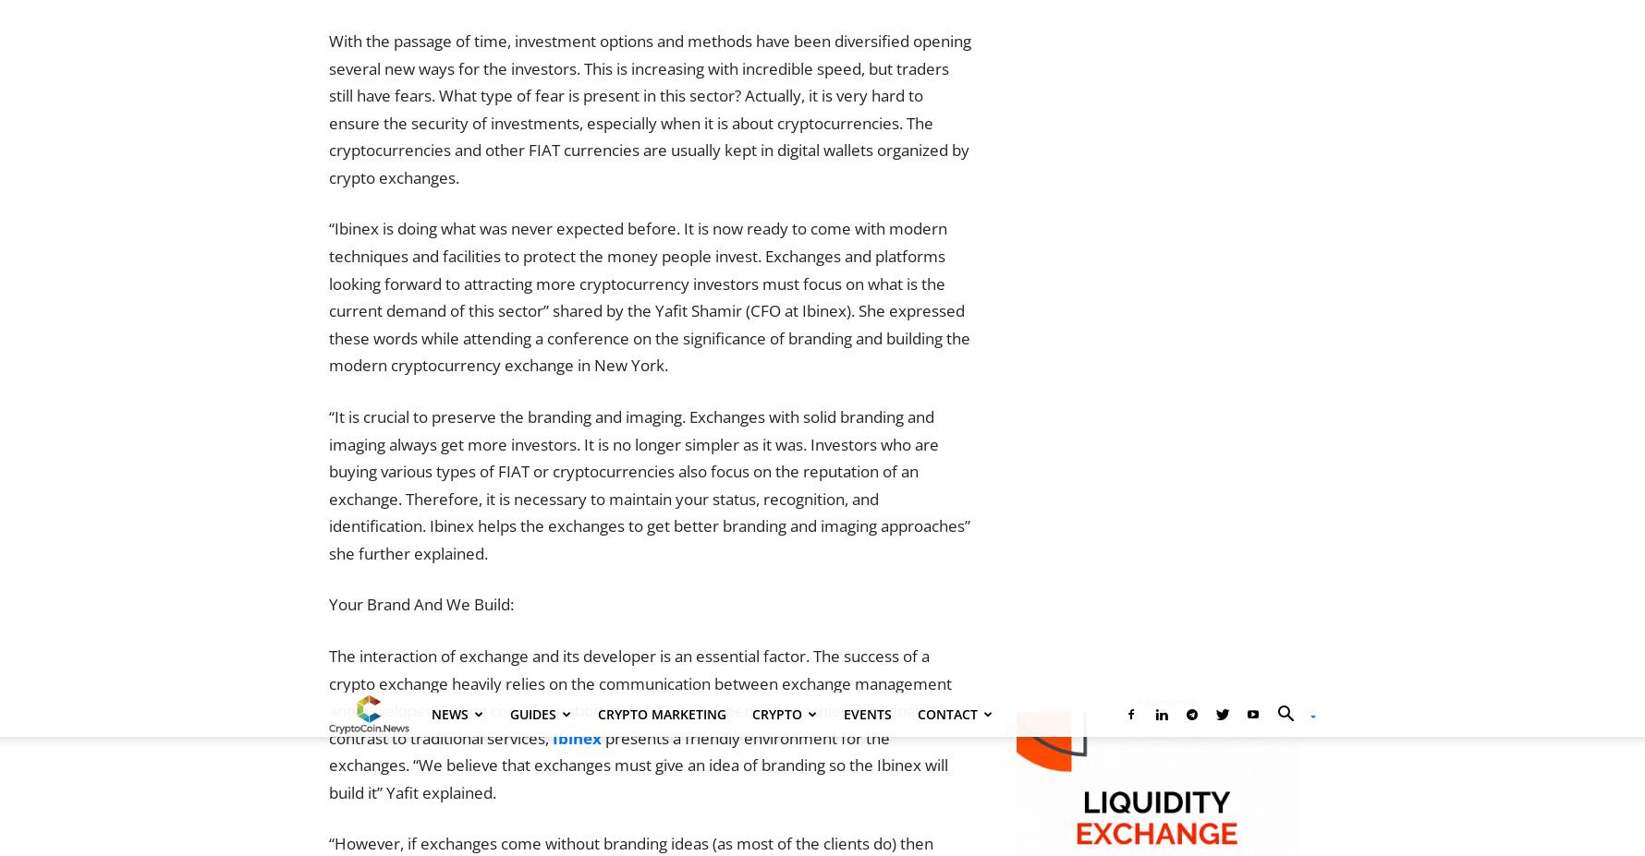 The image size is (1645, 856). I want to click on 'RELATED ARTICLES', so click(398, 518).